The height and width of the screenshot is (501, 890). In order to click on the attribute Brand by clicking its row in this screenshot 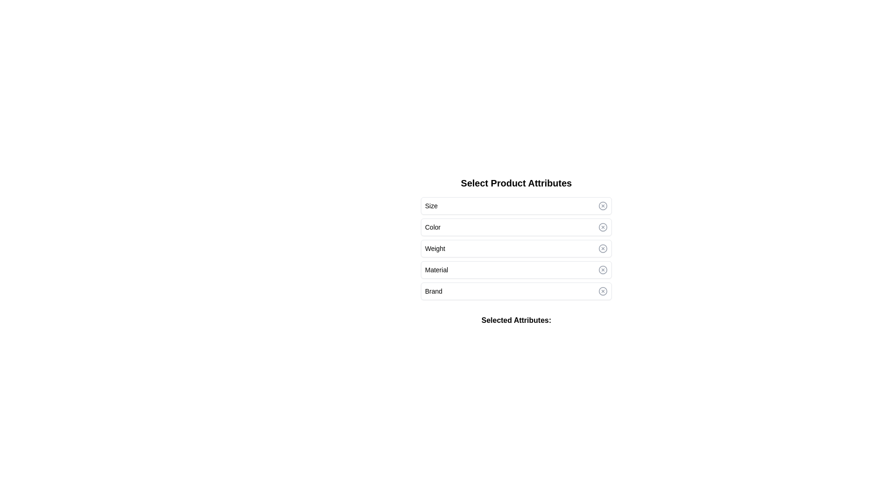, I will do `click(515, 291)`.